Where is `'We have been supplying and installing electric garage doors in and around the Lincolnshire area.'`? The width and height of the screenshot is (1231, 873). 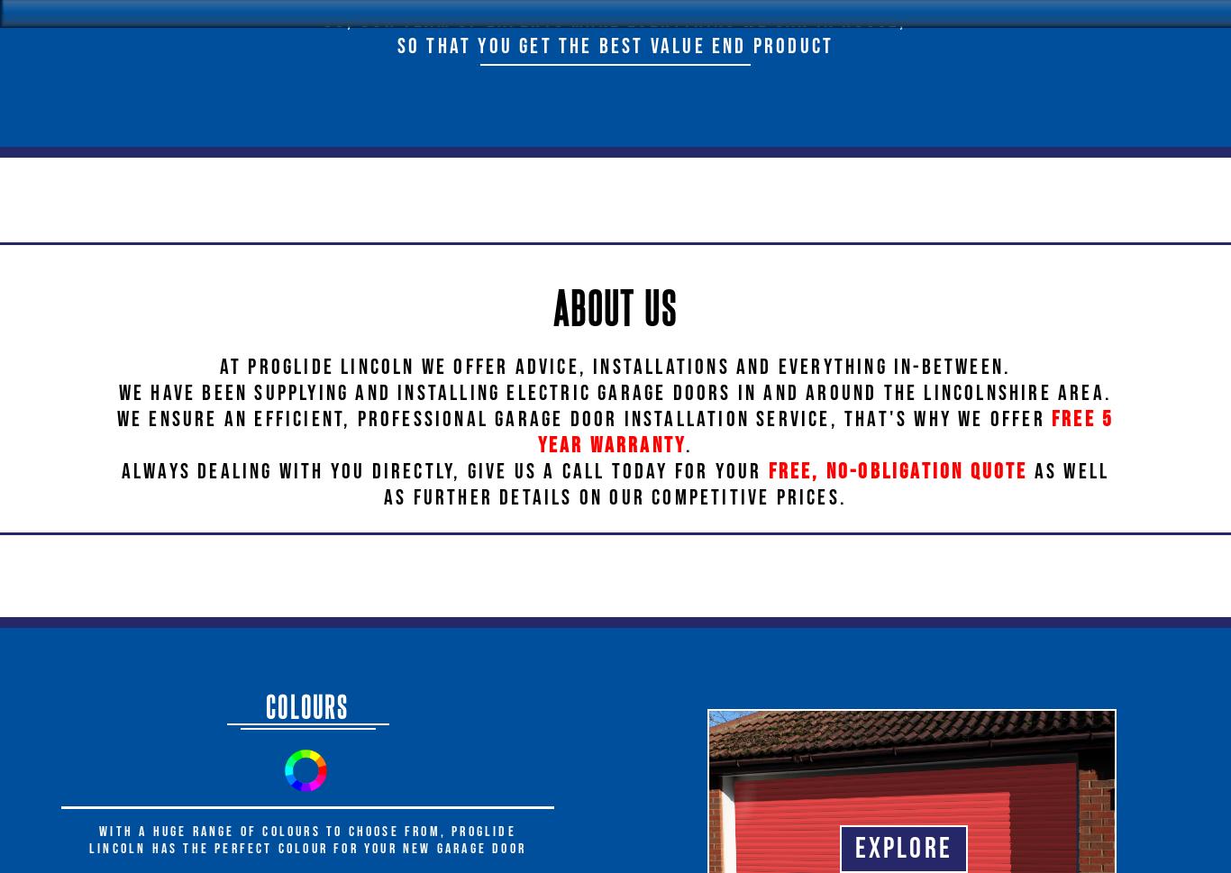 'We have been supplying and installing electric garage doors in and around the Lincolnshire area.' is located at coordinates (614, 392).